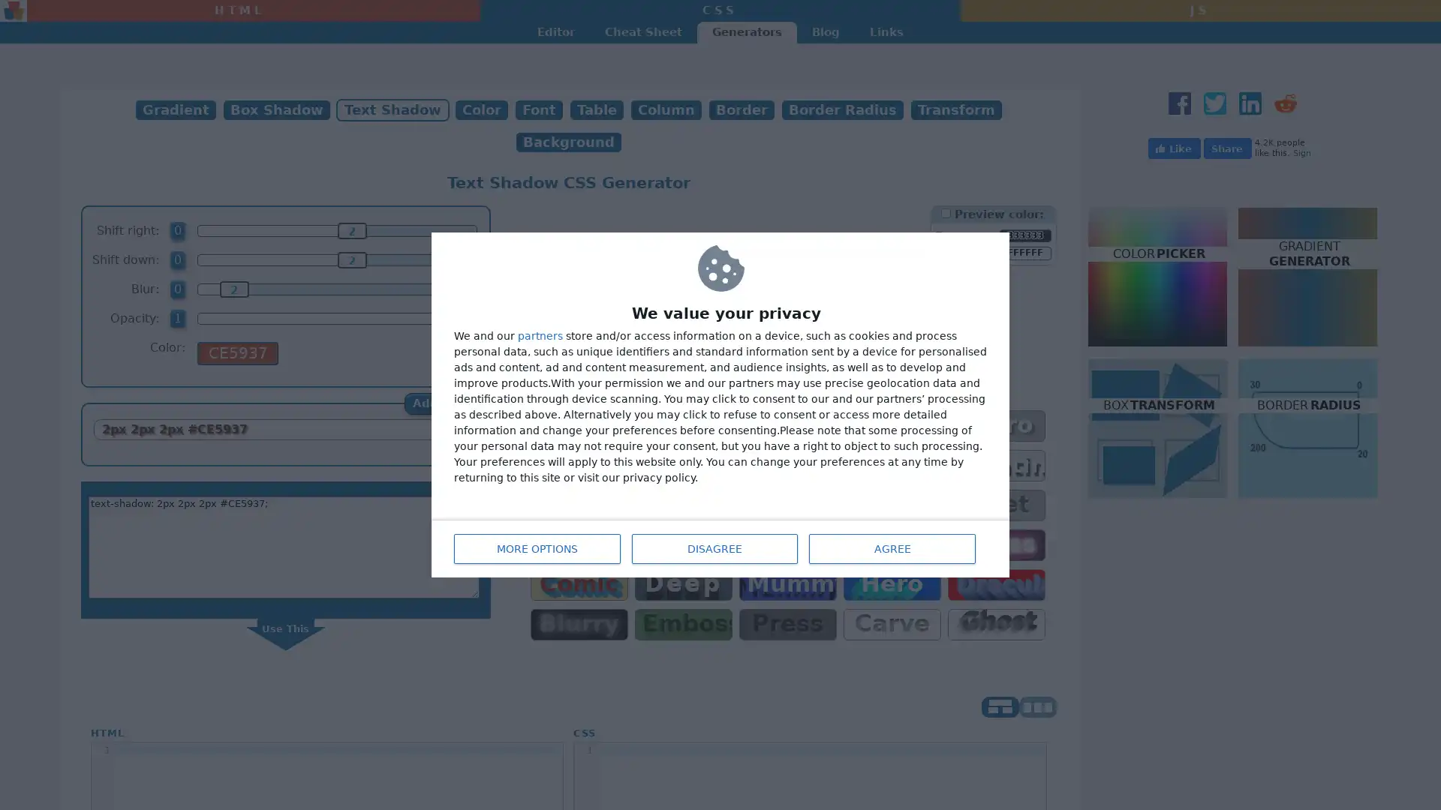 Image resolution: width=1441 pixels, height=810 pixels. I want to click on DISAGREE, so click(713, 549).